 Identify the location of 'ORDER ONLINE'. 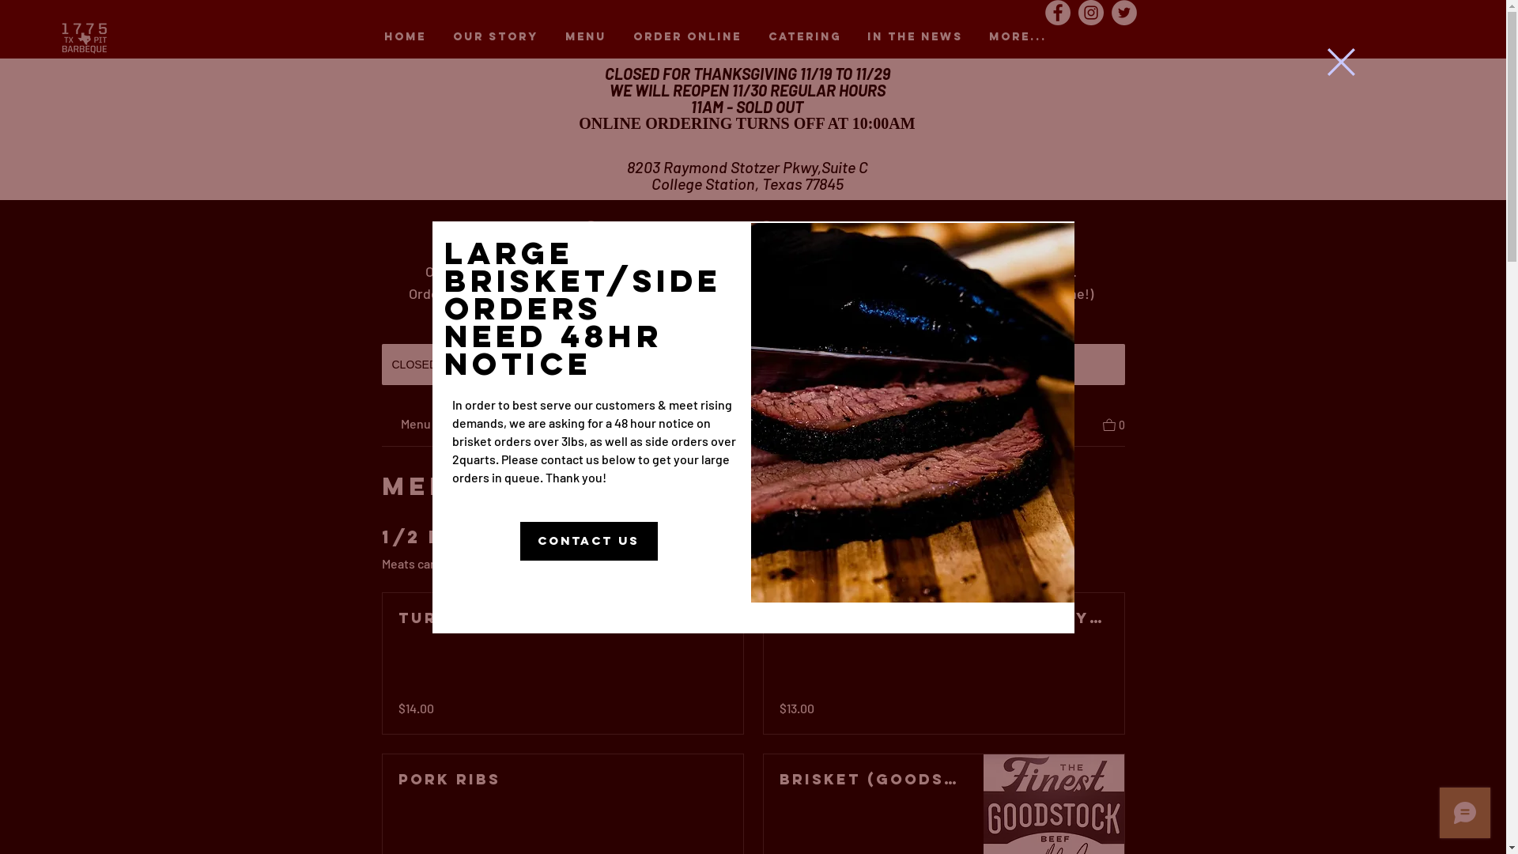
(687, 36).